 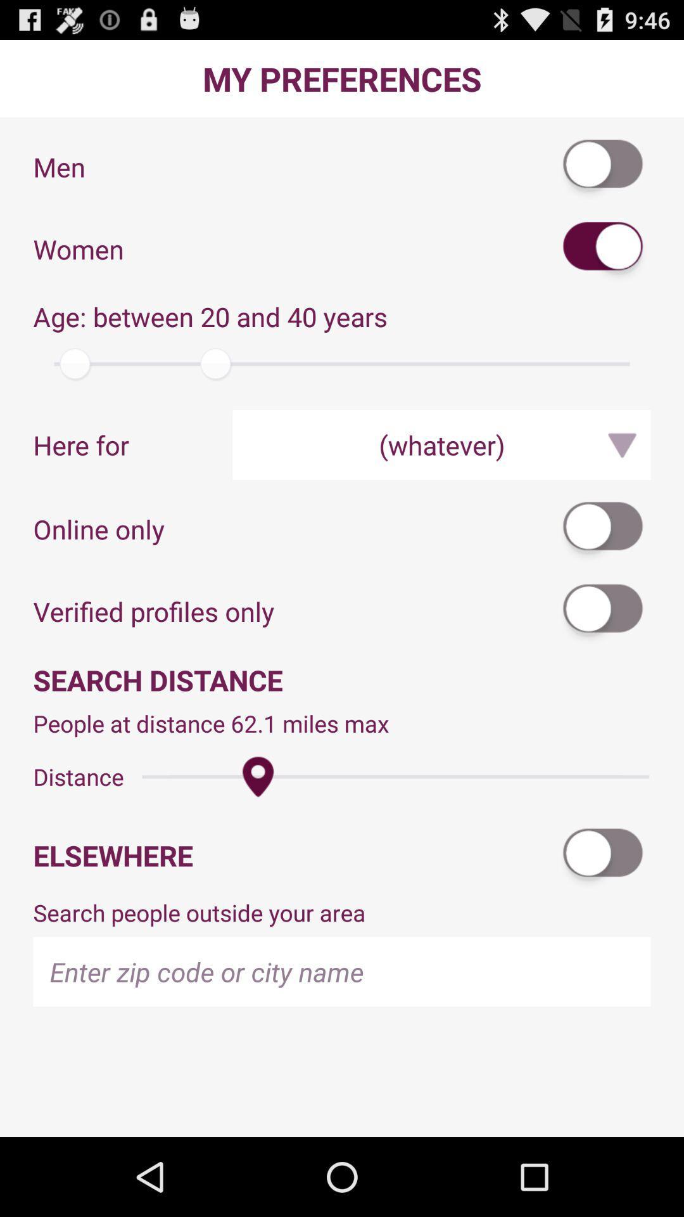 I want to click on the my preferences app, so click(x=342, y=78).